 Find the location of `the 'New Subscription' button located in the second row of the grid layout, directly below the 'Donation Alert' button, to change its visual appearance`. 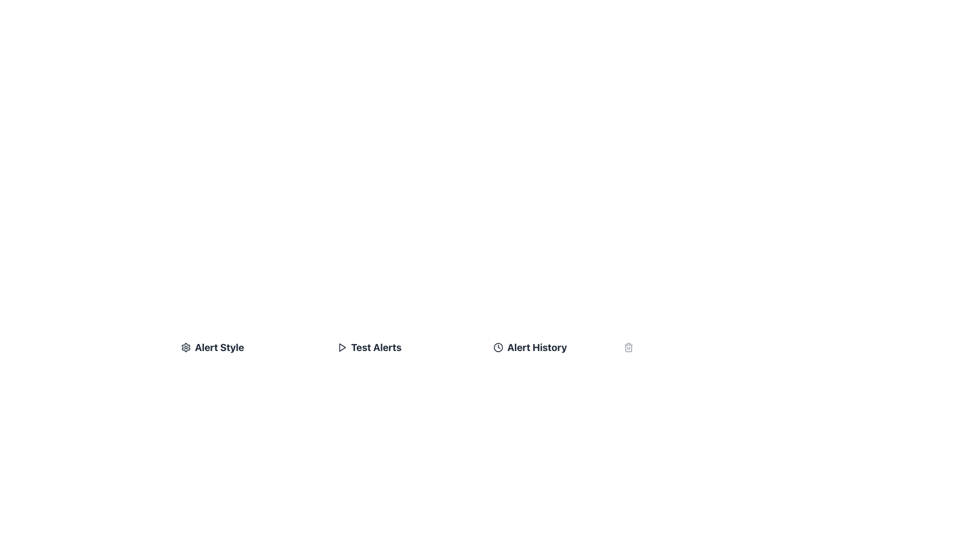

the 'New Subscription' button located in the second row of the grid layout, directly below the 'Donation Alert' button, to change its visual appearance is located at coordinates (370, 443).